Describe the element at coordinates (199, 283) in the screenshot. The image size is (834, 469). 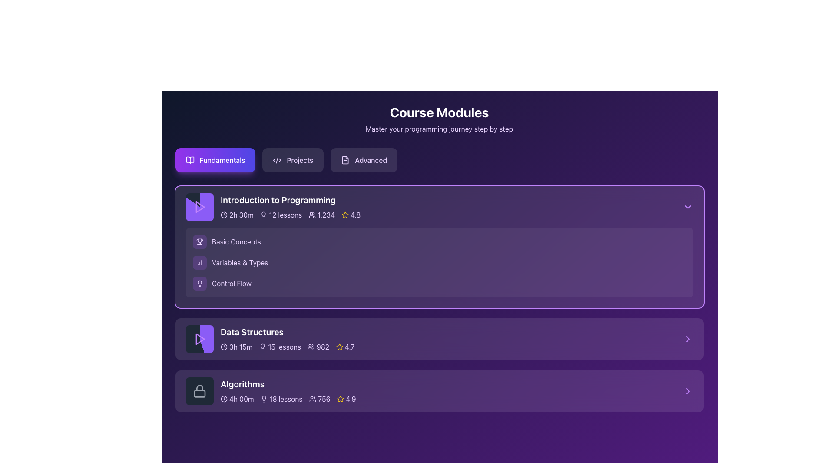
I see `the 'Control Flow' icon, which visually represents the concept of 'Control Flow'` at that location.